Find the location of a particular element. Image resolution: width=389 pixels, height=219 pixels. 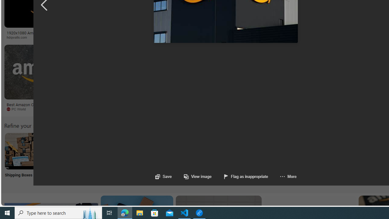

'PC World' is located at coordinates (18, 109).